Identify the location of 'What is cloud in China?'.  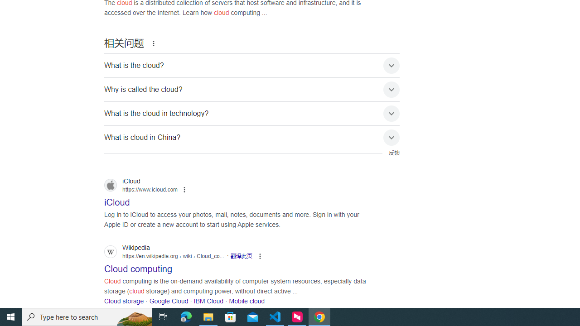
(252, 138).